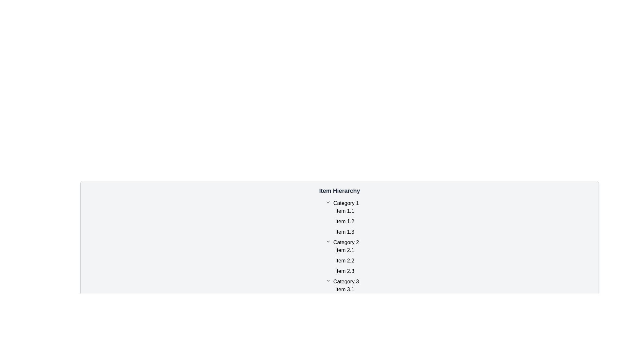 The width and height of the screenshot is (627, 353). Describe the element at coordinates (345, 250) in the screenshot. I see `text label of the first item under the 'Category 2' section in the hierarchical list` at that location.